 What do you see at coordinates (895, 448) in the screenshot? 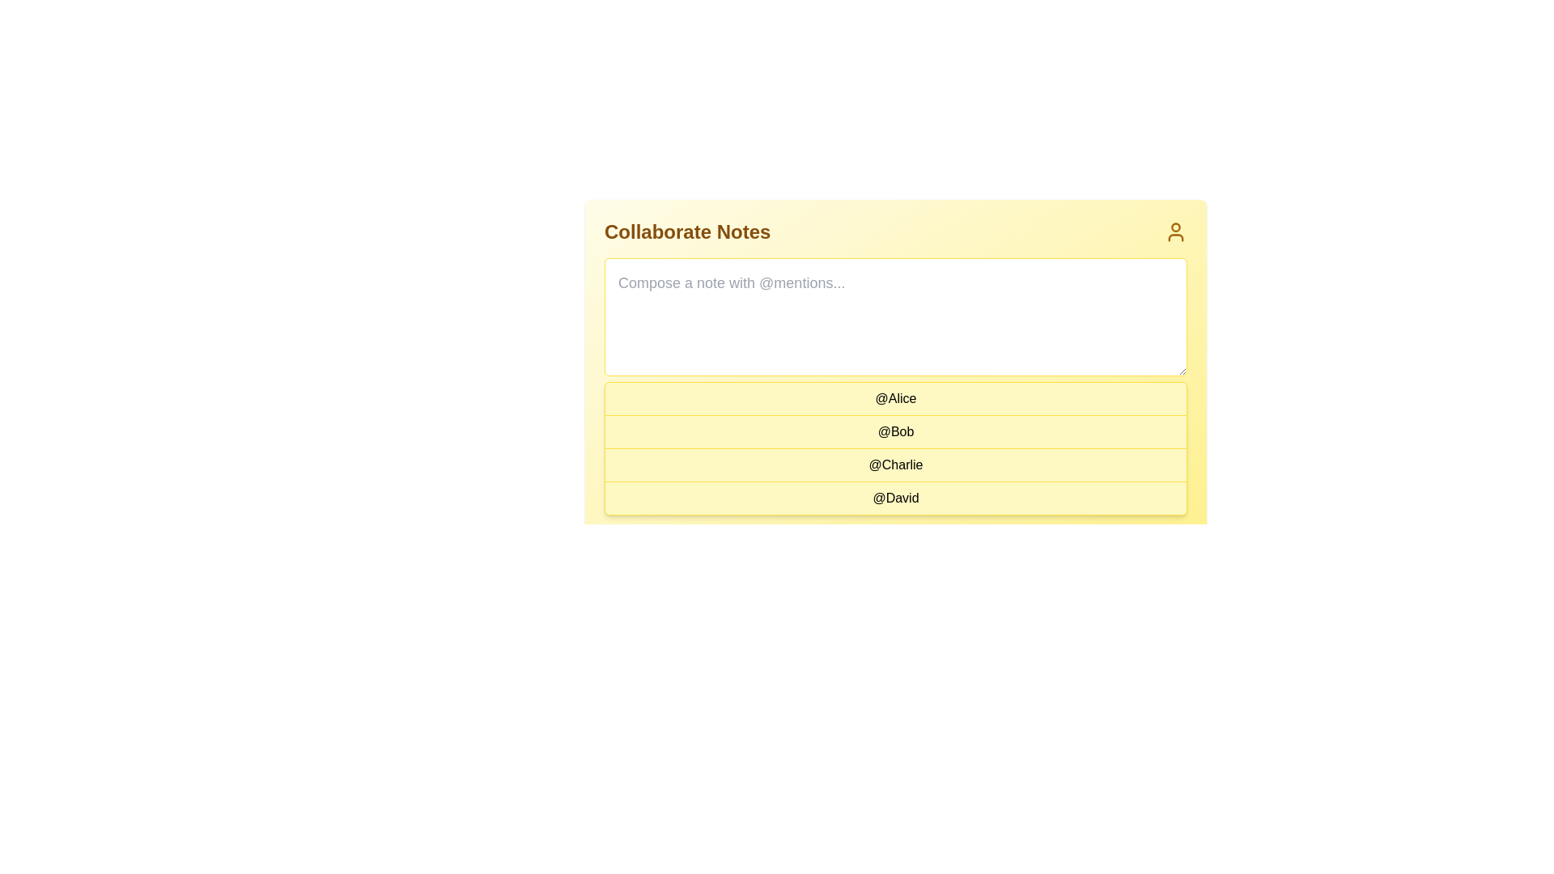
I see `the rows of the interactive list of usernames located centrally below the input text area` at bounding box center [895, 448].